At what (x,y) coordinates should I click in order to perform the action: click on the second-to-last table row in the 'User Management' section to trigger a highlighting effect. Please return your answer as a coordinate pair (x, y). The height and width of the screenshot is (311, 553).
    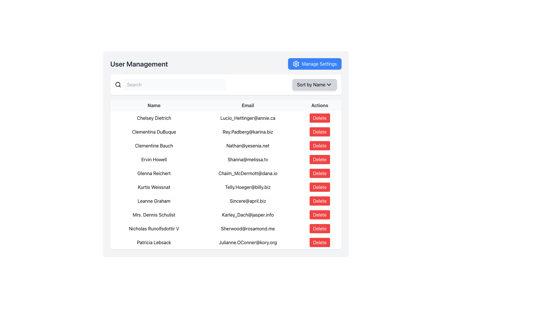
    Looking at the image, I should click on (226, 228).